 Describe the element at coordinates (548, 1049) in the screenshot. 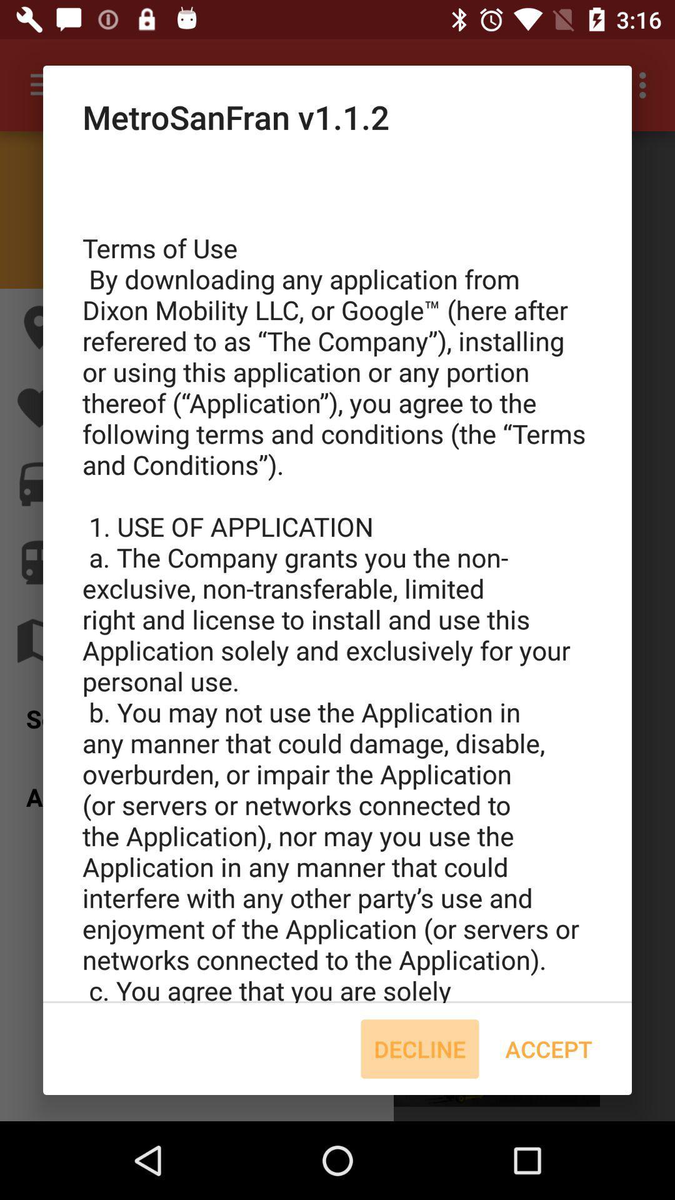

I see `icon below the terms of use item` at that location.